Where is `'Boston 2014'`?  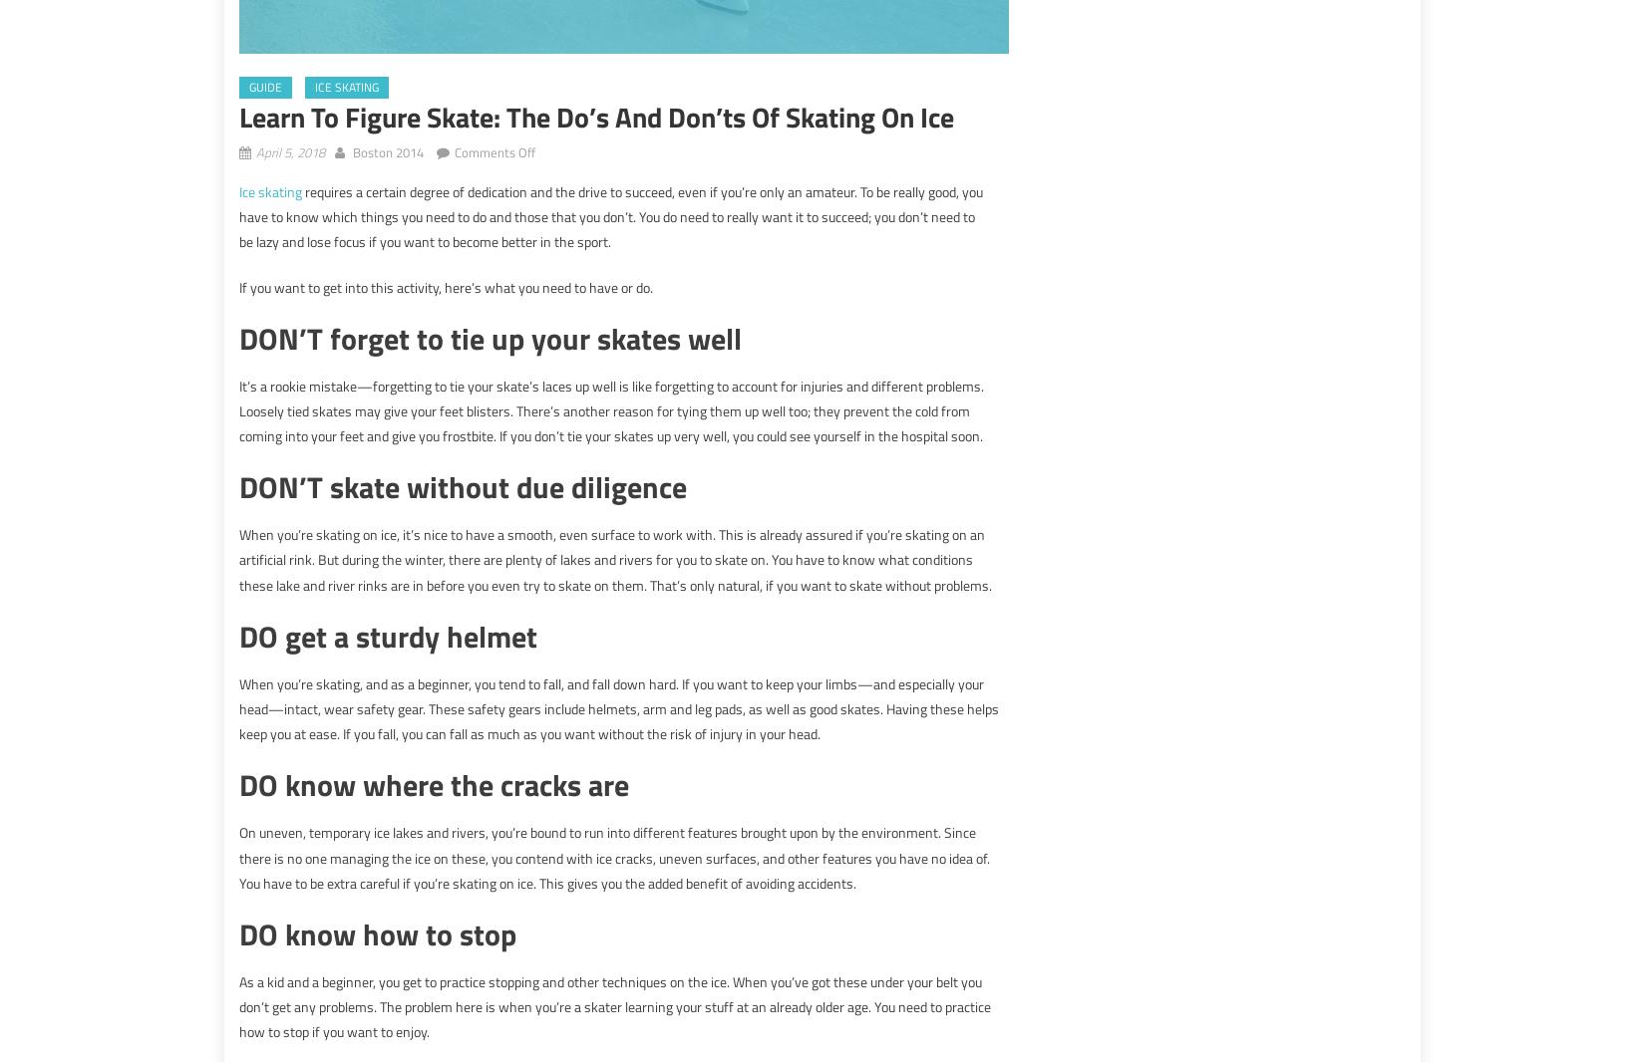
'Boston 2014' is located at coordinates (388, 150).